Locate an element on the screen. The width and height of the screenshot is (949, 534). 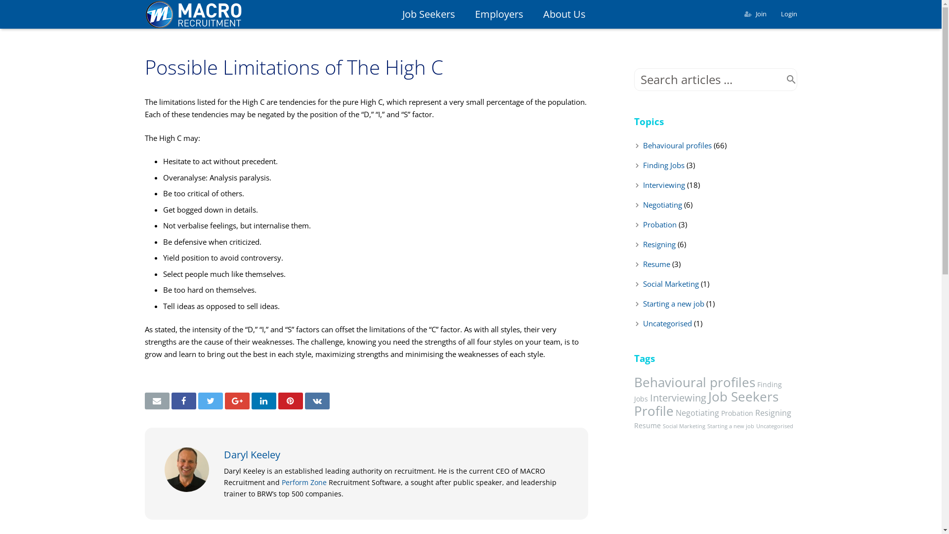
'Perform Zone' is located at coordinates (303, 482).